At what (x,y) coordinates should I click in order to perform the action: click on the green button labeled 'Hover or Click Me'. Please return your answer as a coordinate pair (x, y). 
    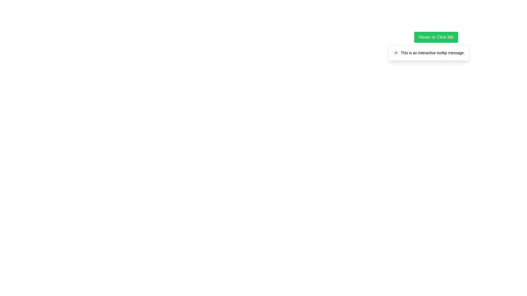
    Looking at the image, I should click on (436, 37).